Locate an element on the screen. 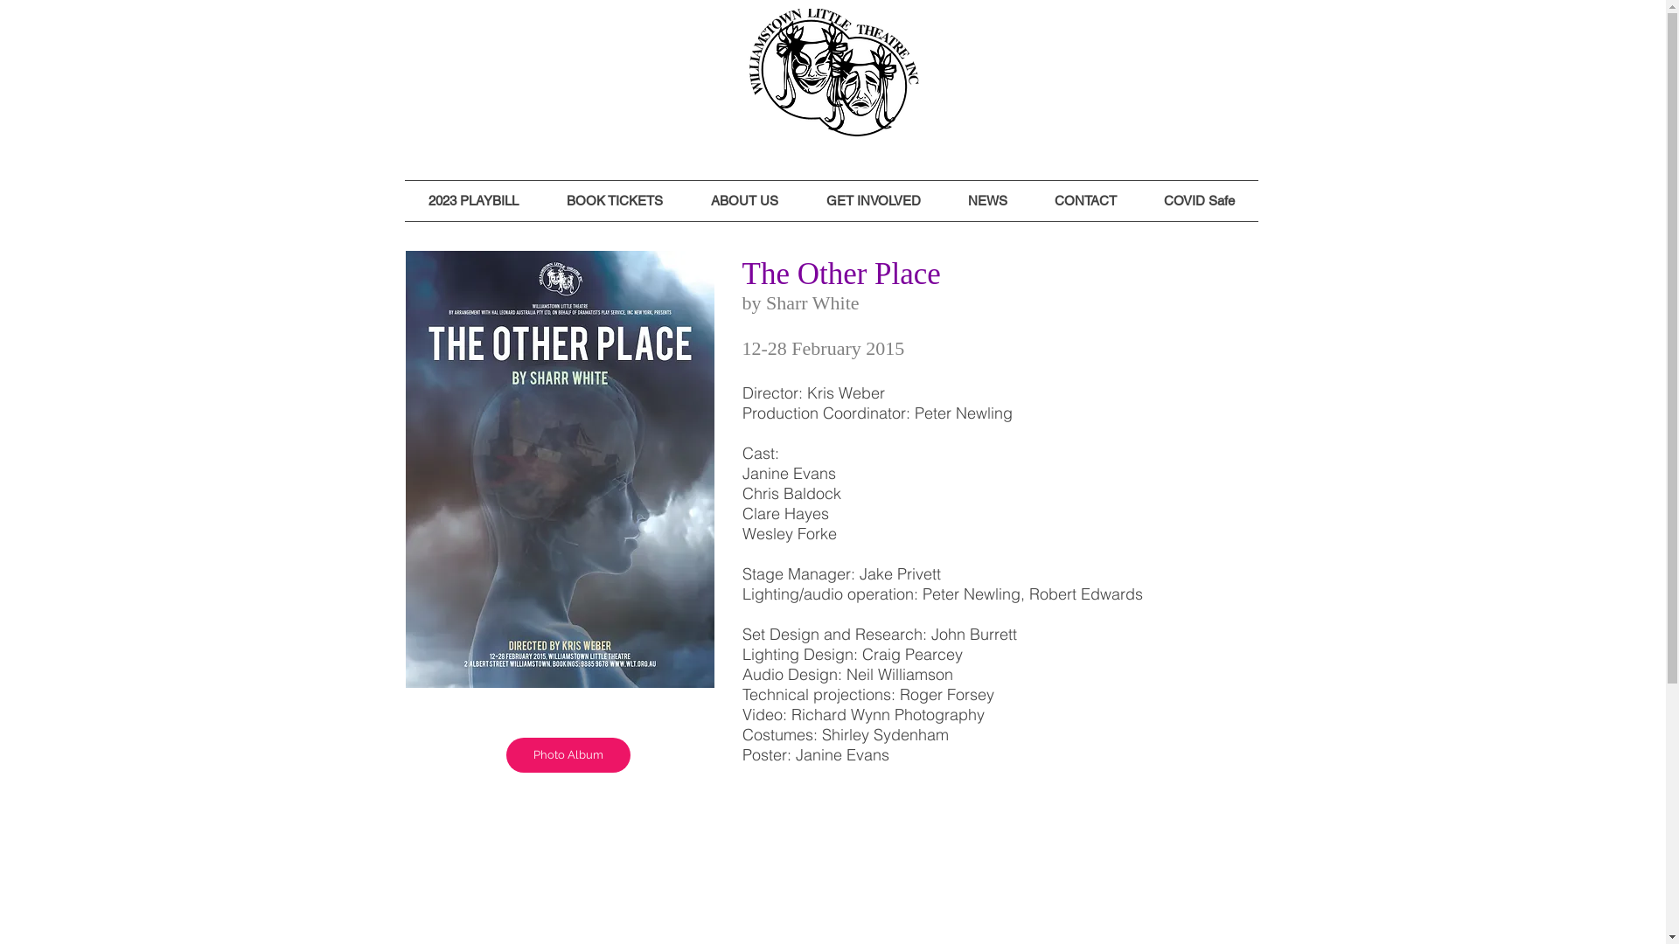 The width and height of the screenshot is (1679, 944). 'WLT_logo_K_2016 copy.jpg' is located at coordinates (833, 73).